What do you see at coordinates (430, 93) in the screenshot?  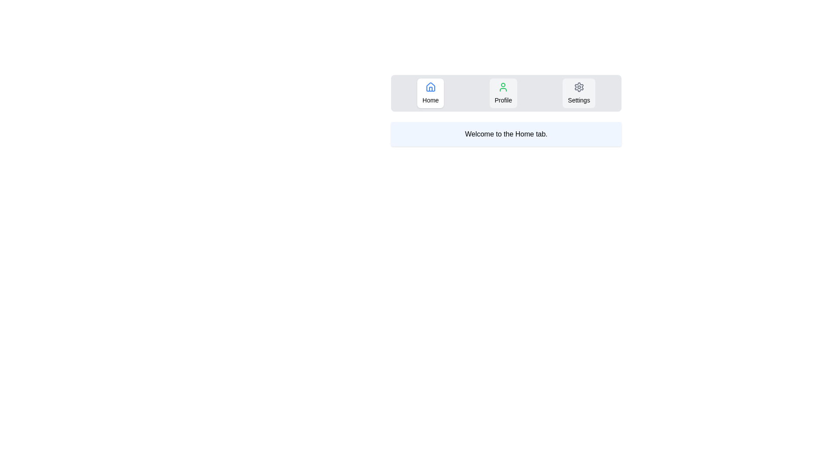 I see `the Home tab to view its hover effect` at bounding box center [430, 93].